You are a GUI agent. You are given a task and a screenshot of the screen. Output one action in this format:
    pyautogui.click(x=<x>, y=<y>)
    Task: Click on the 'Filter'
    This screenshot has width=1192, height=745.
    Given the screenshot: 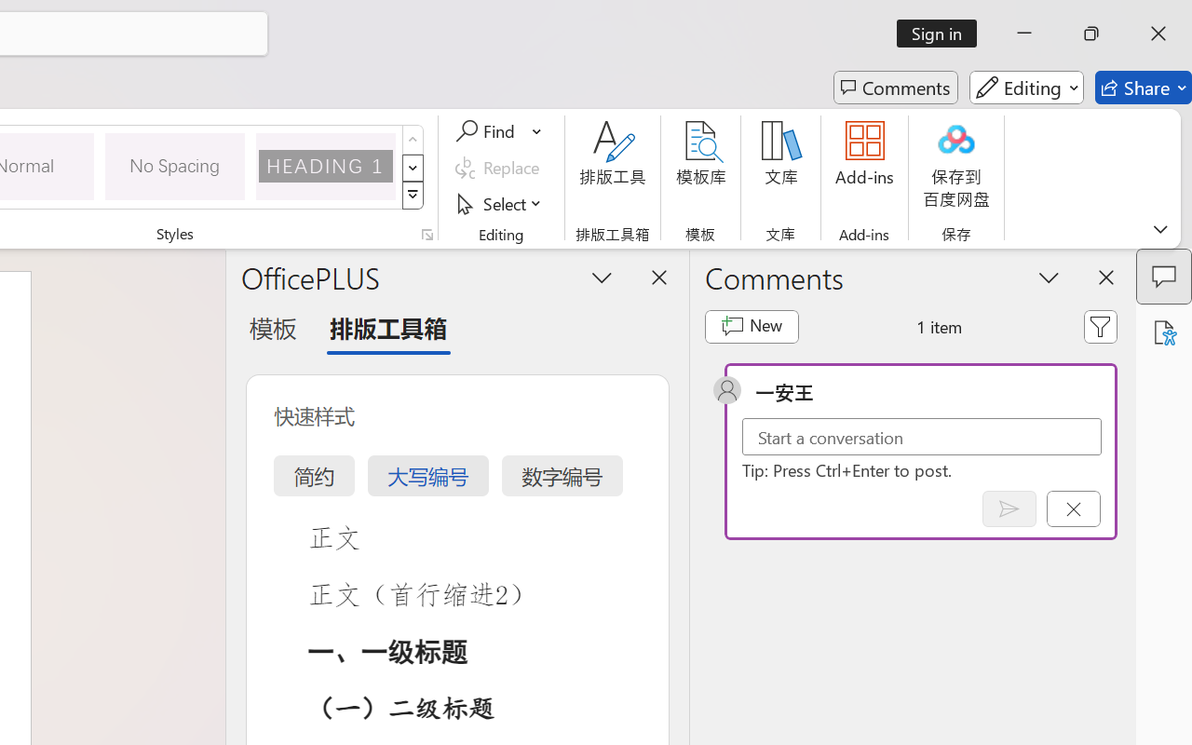 What is the action you would take?
    pyautogui.click(x=1101, y=326)
    